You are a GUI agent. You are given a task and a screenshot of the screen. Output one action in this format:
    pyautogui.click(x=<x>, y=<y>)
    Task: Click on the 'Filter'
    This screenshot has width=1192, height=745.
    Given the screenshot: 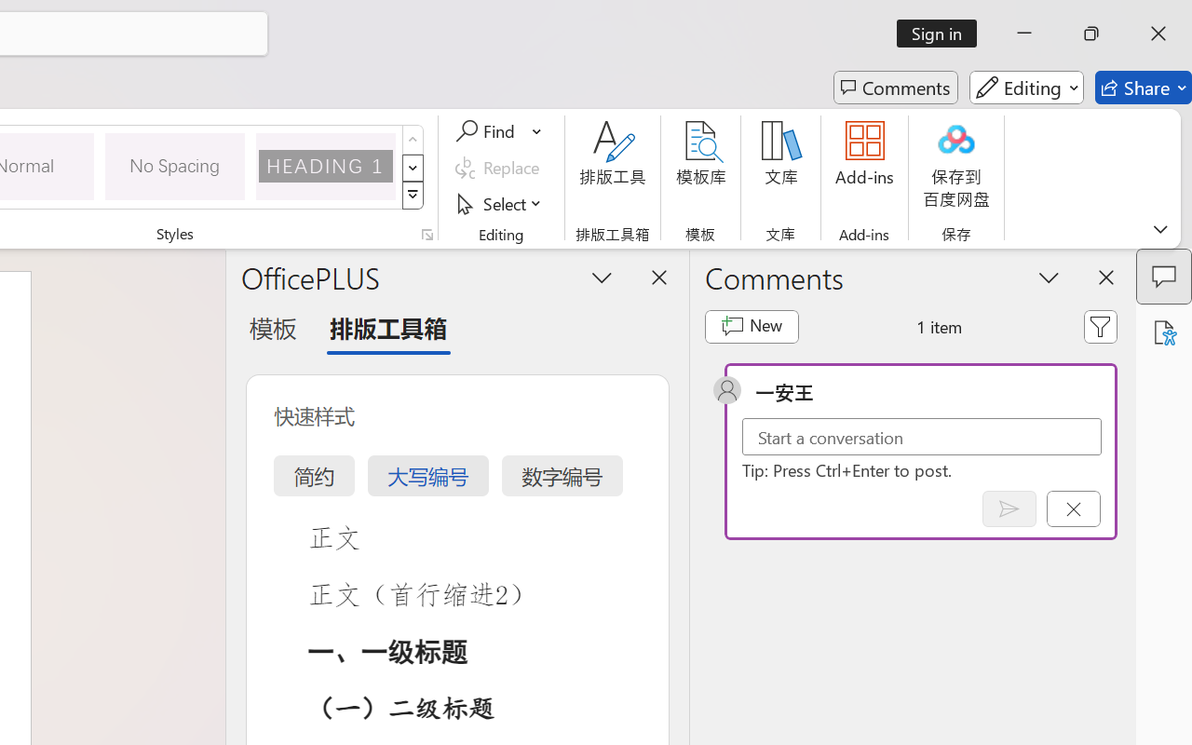 What is the action you would take?
    pyautogui.click(x=1101, y=326)
    